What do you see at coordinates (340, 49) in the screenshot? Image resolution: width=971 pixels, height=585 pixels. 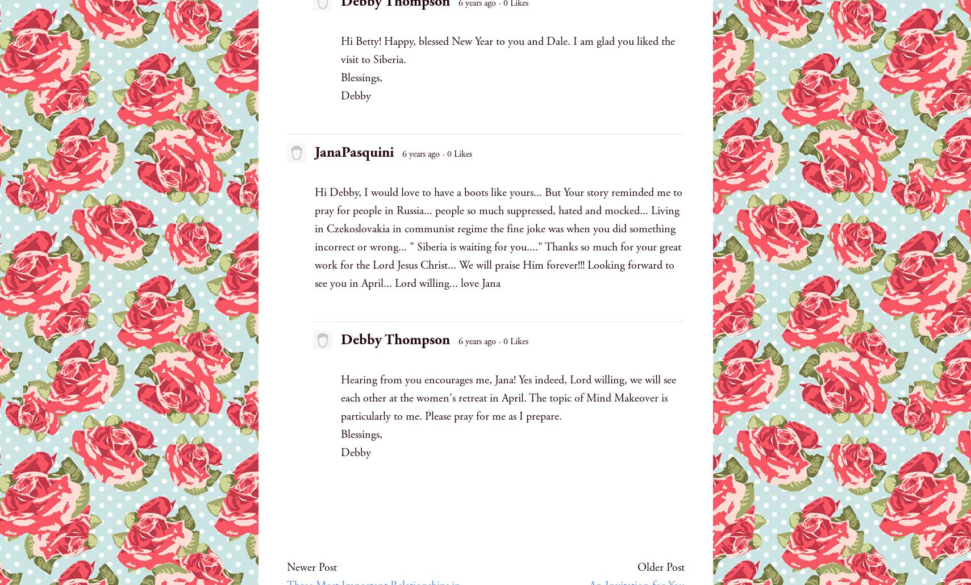 I see `'Hi Betty! Happy, blessed New Year to you and Dale. I am glad you liked the visit to Siberia.'` at bounding box center [340, 49].